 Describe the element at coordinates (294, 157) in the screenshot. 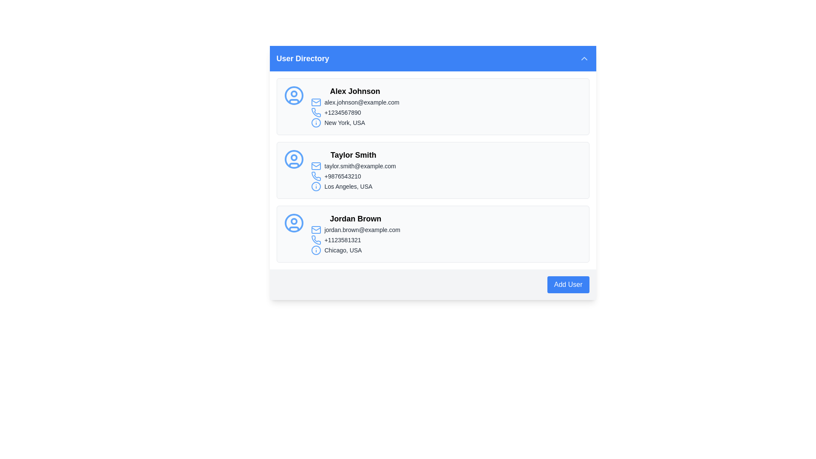

I see `the decorative icon inside the user icon for 'Taylor Smith'` at that location.